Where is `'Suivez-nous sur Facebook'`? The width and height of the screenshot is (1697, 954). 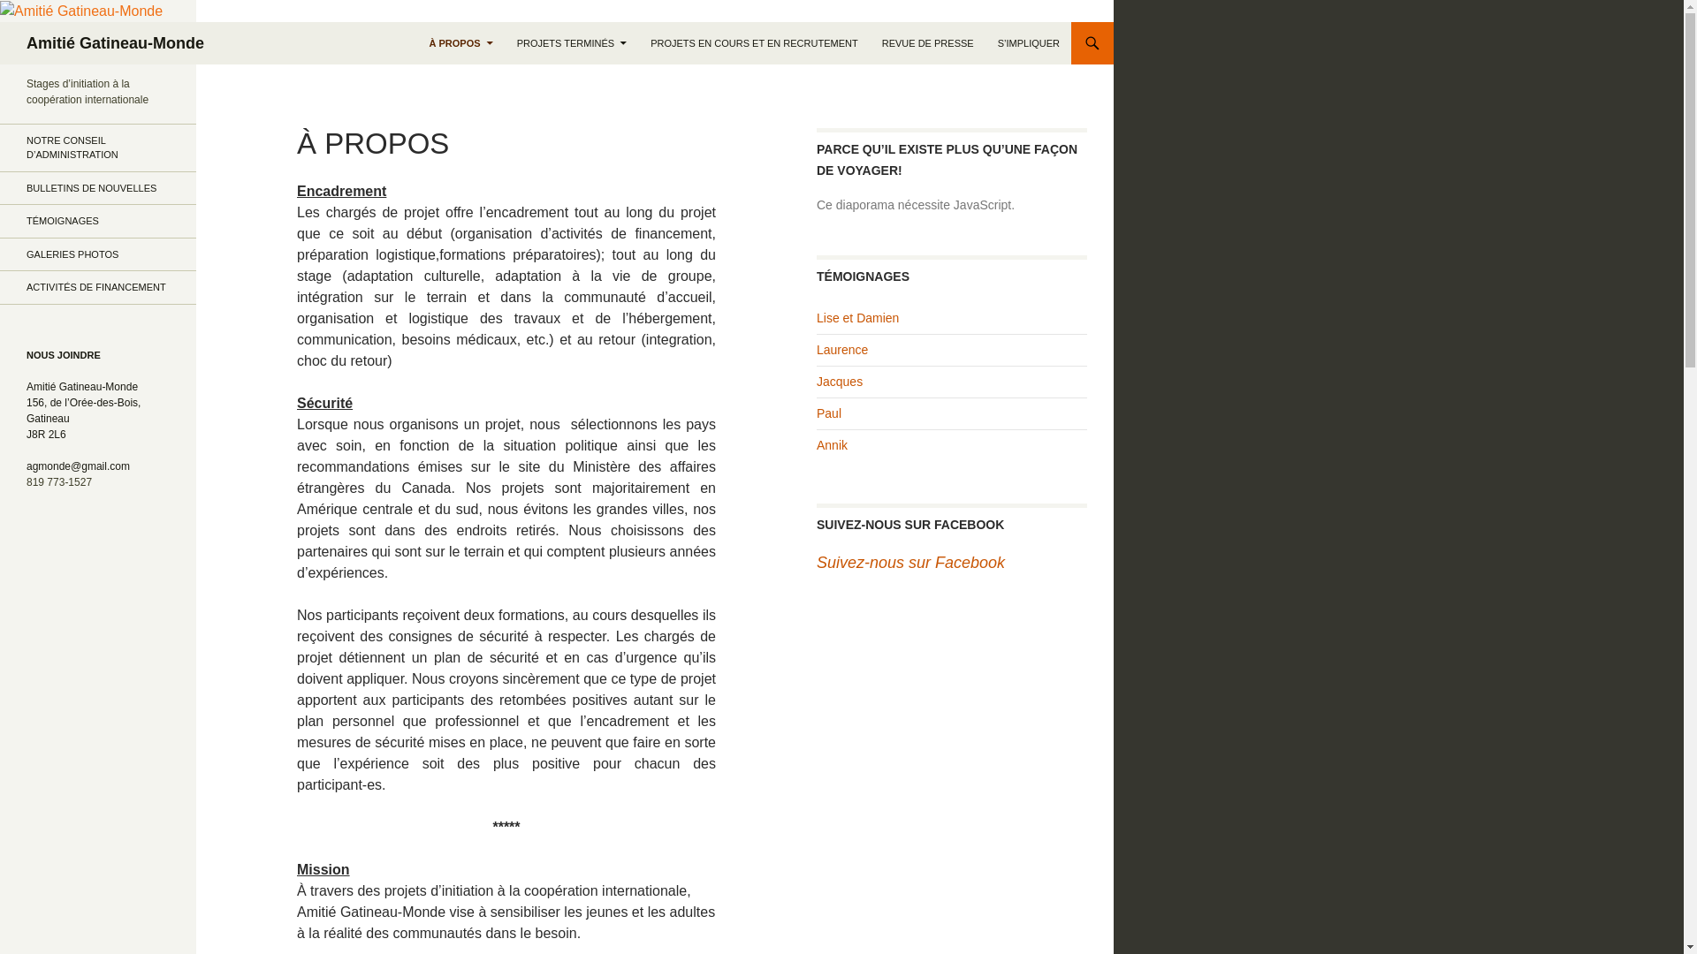
'Suivez-nous sur Facebook' is located at coordinates (910, 562).